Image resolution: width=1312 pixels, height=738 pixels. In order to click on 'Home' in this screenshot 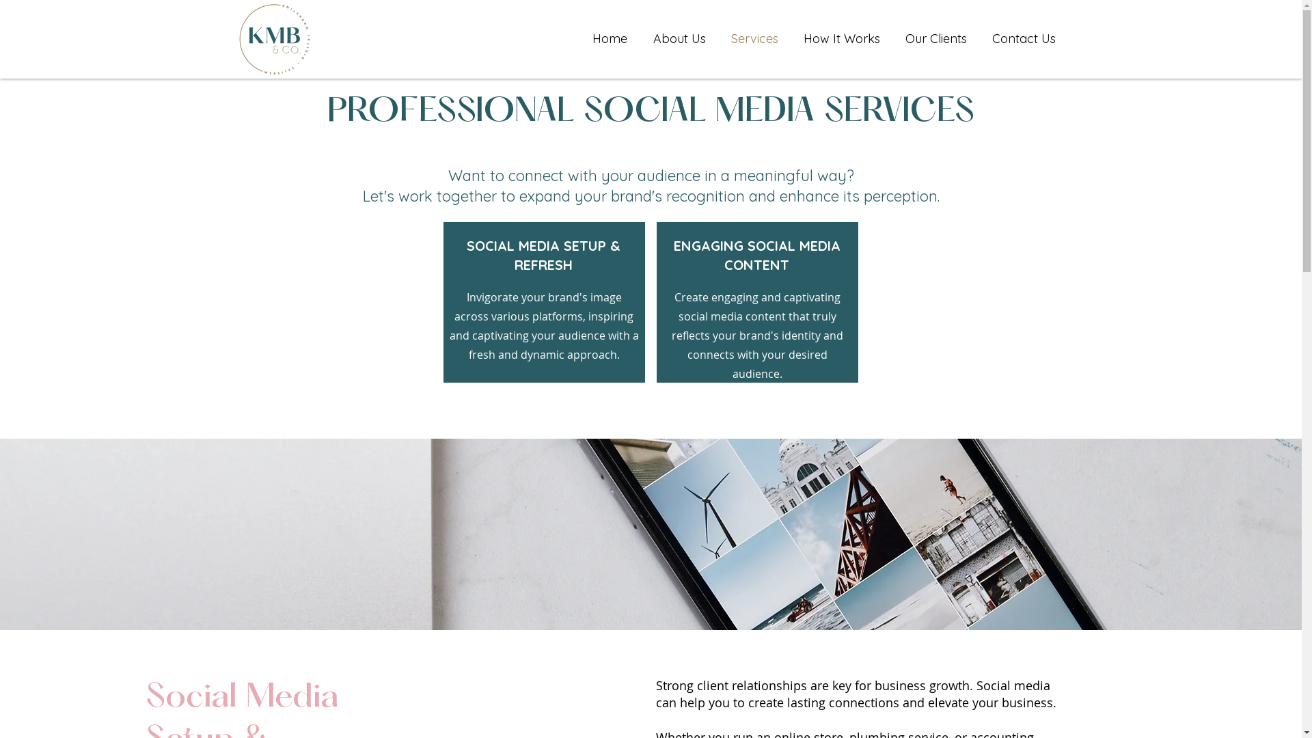, I will do `click(609, 38)`.